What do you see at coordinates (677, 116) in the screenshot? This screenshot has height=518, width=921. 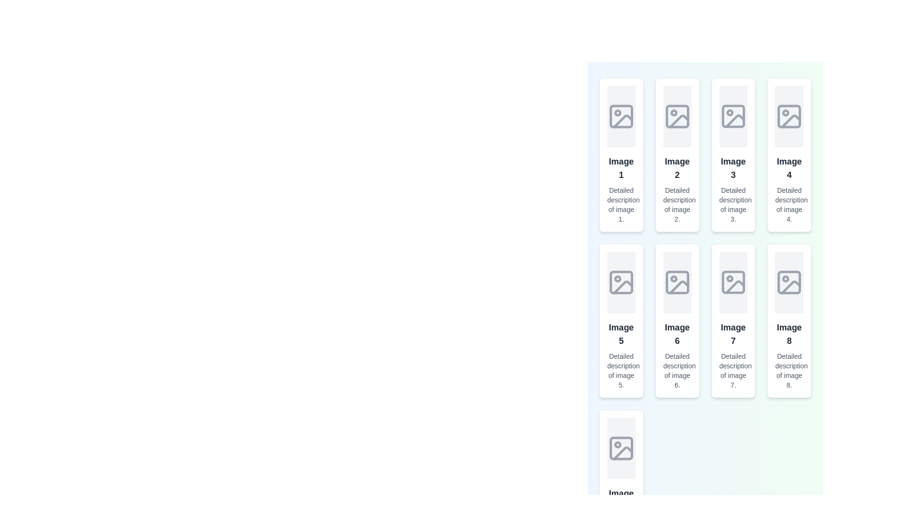 I see `the graphical icon in the second column of the first row of the grid layout, which serves as a placeholder for images` at bounding box center [677, 116].